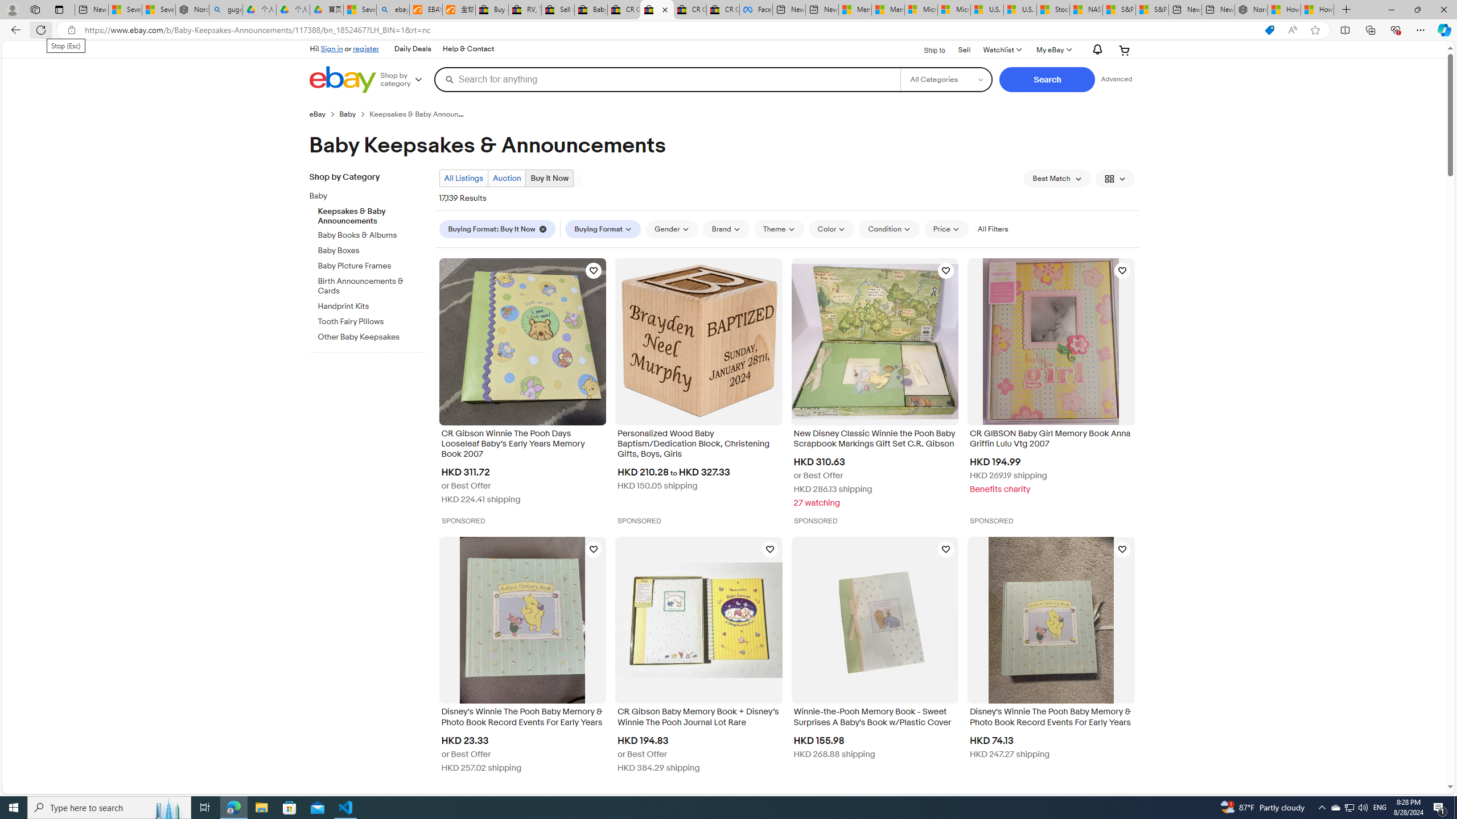 This screenshot has width=1457, height=819. I want to click on 'Browser essentials', so click(1395, 29).